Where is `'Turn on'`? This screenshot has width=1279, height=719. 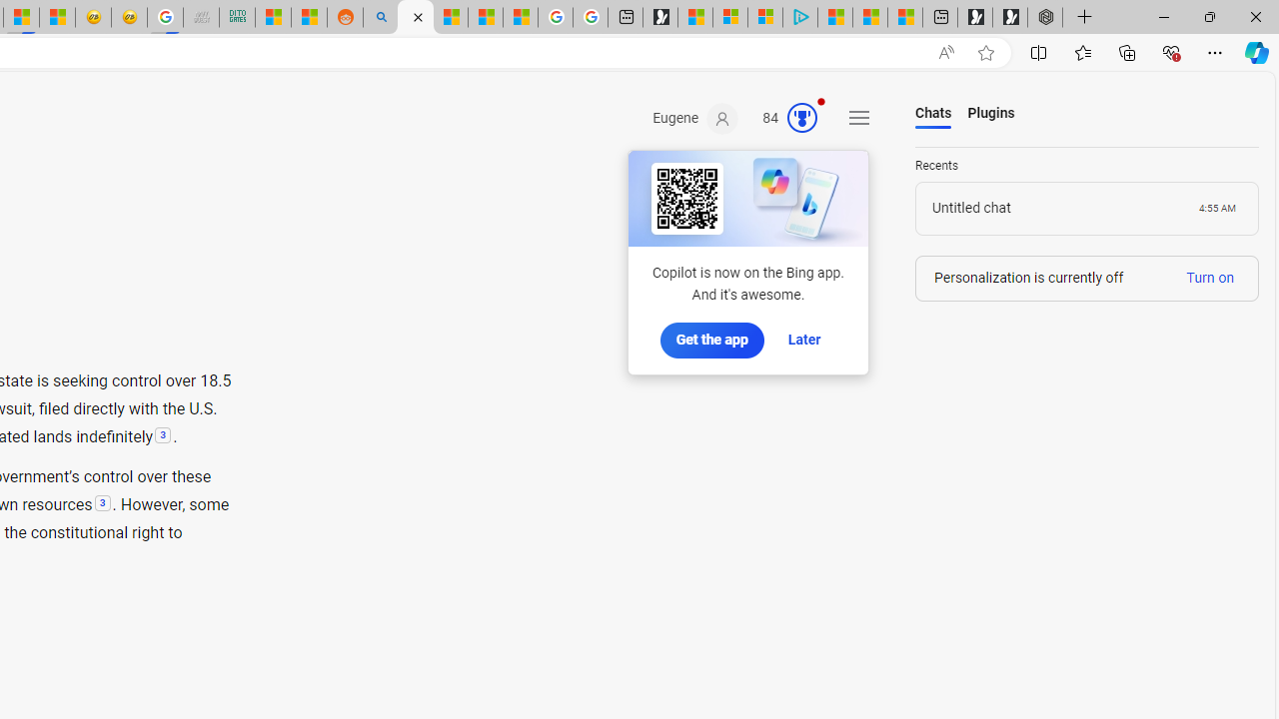
'Turn on' is located at coordinates (1209, 278).